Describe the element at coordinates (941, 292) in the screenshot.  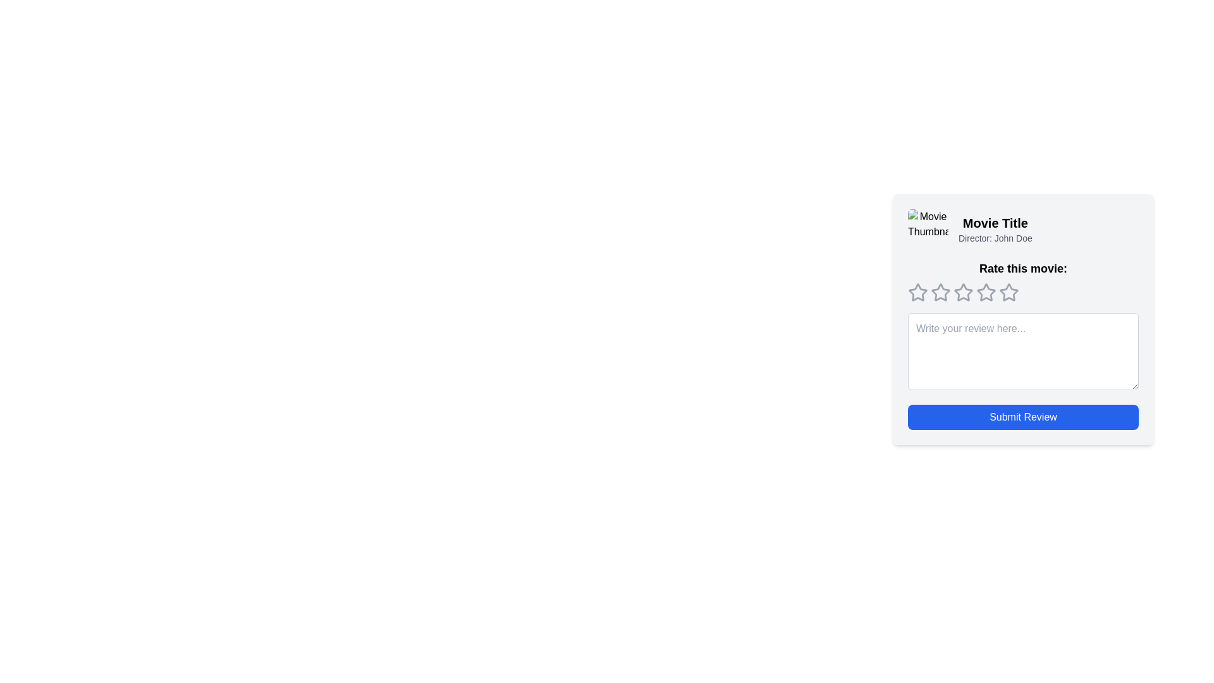
I see `the second star in the row of five stars under the section titled 'Rate this movie'` at that location.